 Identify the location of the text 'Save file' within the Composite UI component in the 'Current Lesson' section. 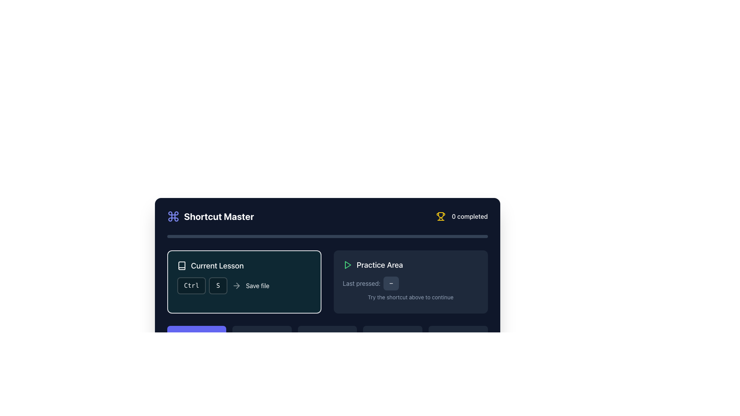
(244, 285).